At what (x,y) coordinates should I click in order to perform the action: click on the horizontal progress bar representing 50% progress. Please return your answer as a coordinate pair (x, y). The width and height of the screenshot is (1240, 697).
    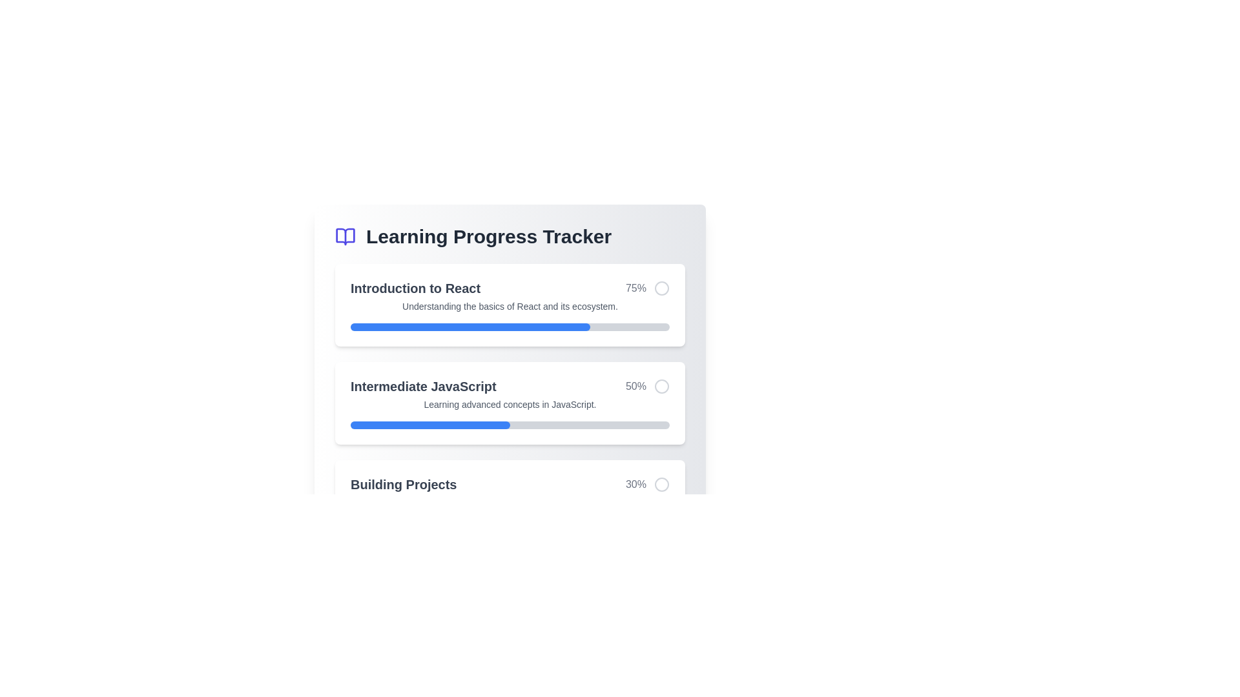
    Looking at the image, I should click on (510, 425).